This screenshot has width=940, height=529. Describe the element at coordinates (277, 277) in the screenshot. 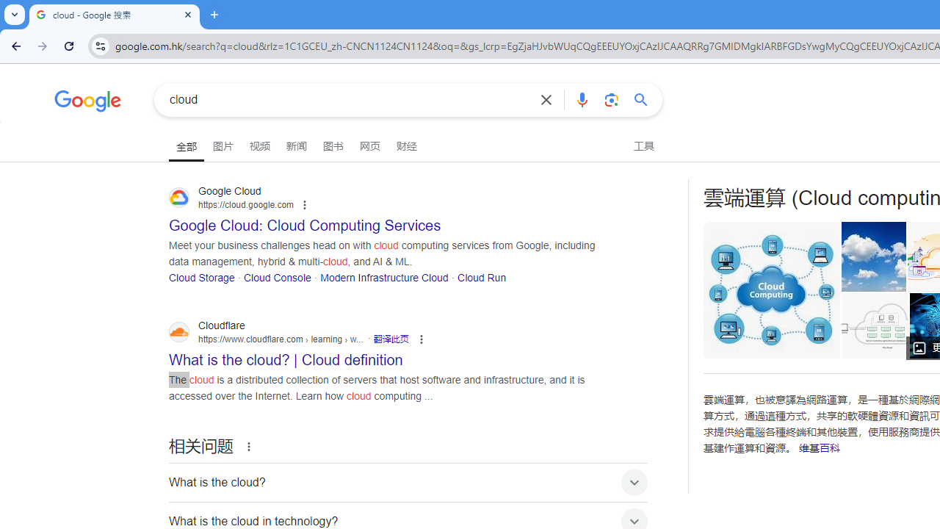

I see `'Cloud Console'` at that location.